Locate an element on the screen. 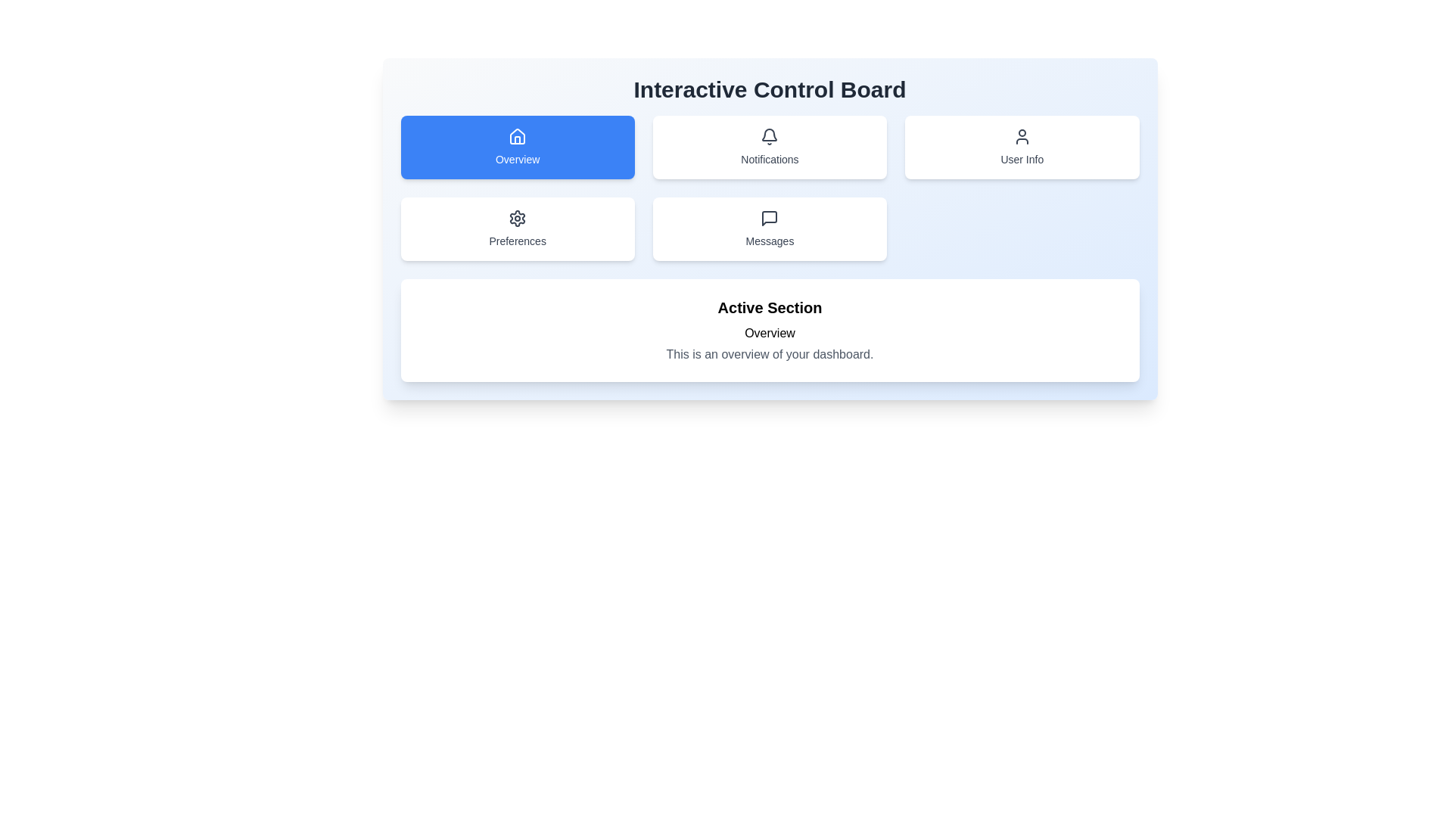  the header titled 'Interactive Control Board', which is styled with bold and large font, and centrally aligned at the top of the interface is located at coordinates (770, 90).